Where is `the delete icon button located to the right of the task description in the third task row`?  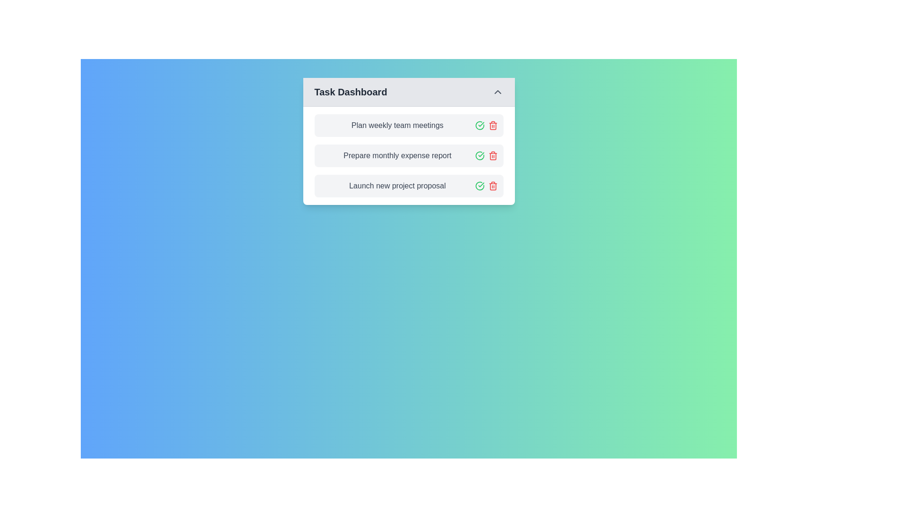
the delete icon button located to the right of the task description in the third task row is located at coordinates (492, 125).